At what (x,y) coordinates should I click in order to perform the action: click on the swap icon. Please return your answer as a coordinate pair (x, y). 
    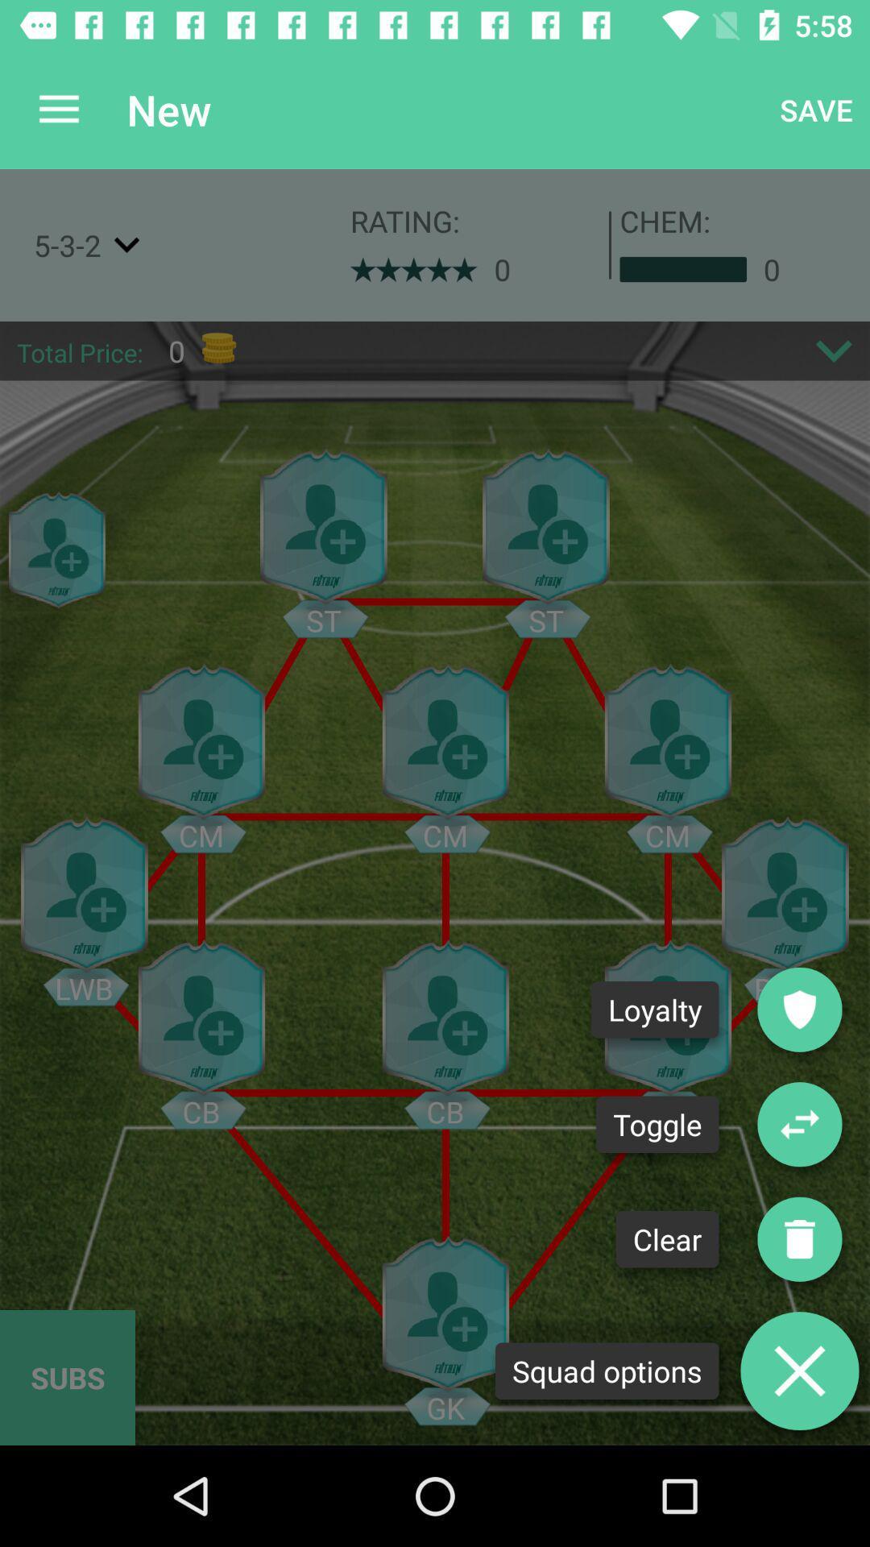
    Looking at the image, I should click on (799, 1123).